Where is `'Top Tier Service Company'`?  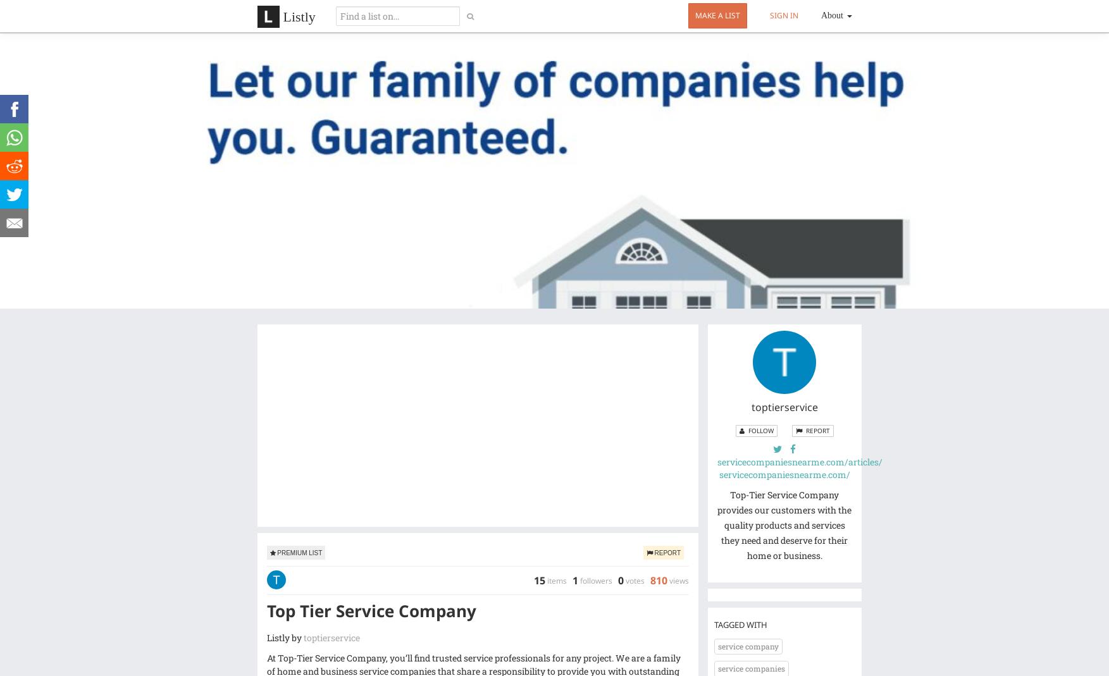 'Top Tier Service Company' is located at coordinates (370, 610).